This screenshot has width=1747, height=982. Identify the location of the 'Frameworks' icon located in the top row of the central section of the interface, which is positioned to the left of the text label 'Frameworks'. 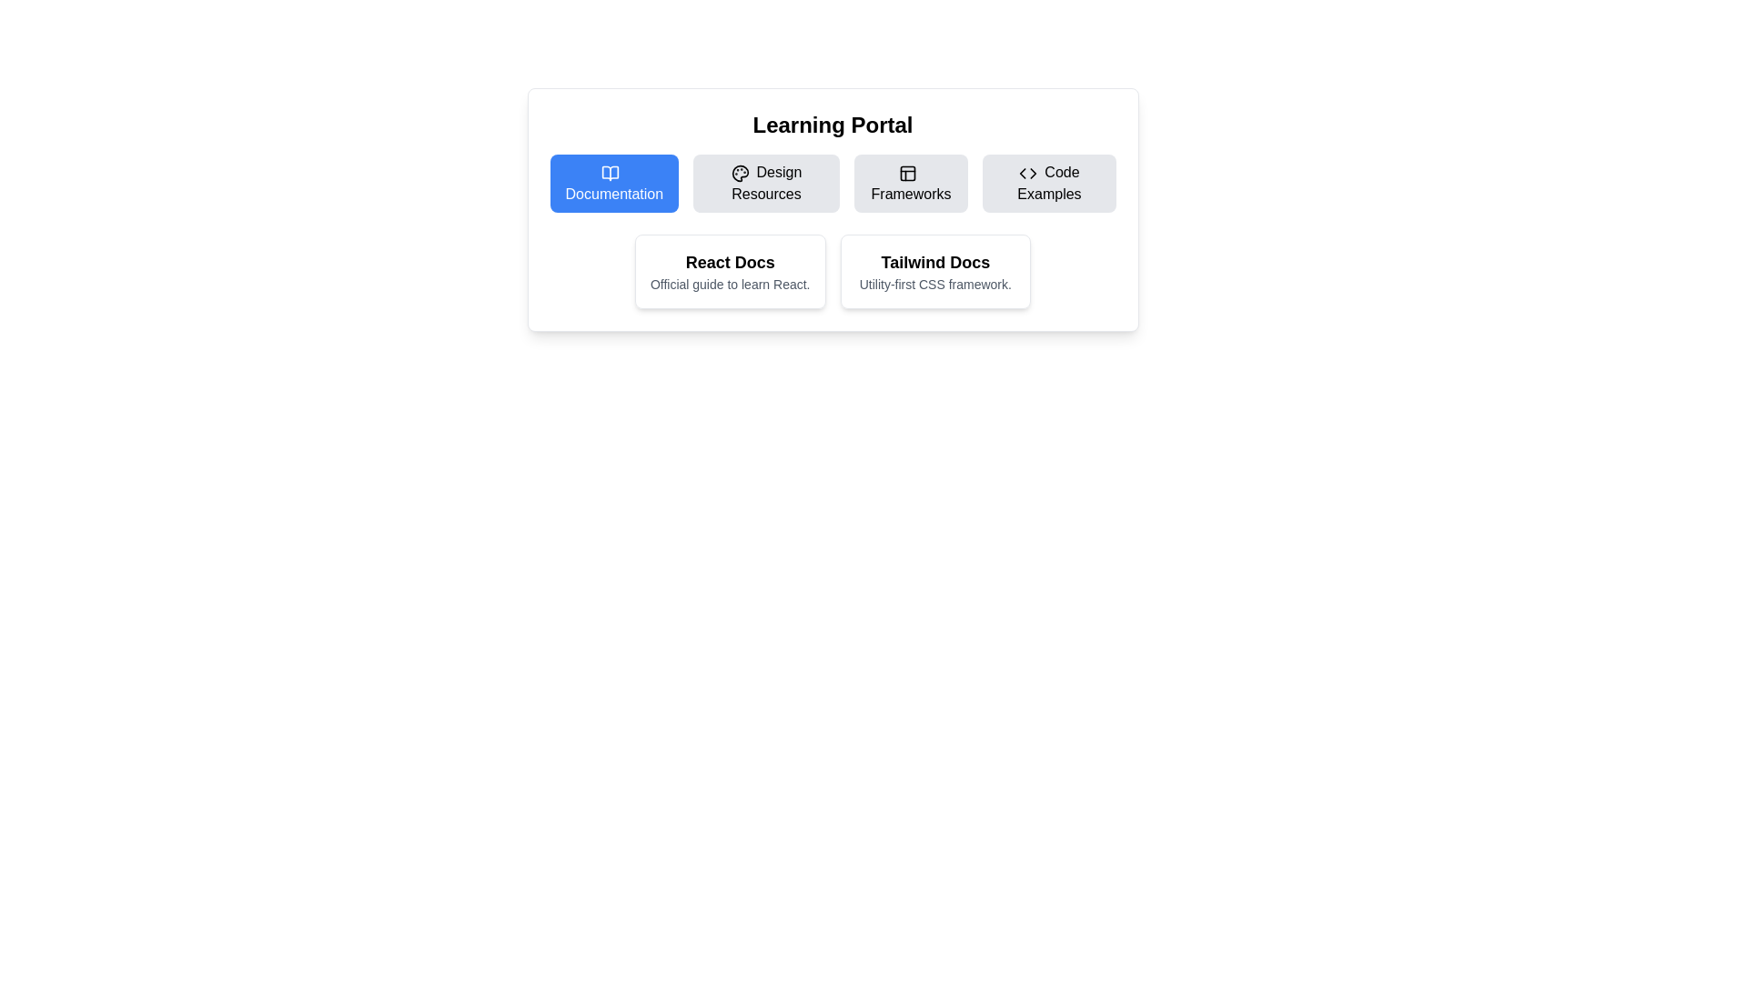
(907, 173).